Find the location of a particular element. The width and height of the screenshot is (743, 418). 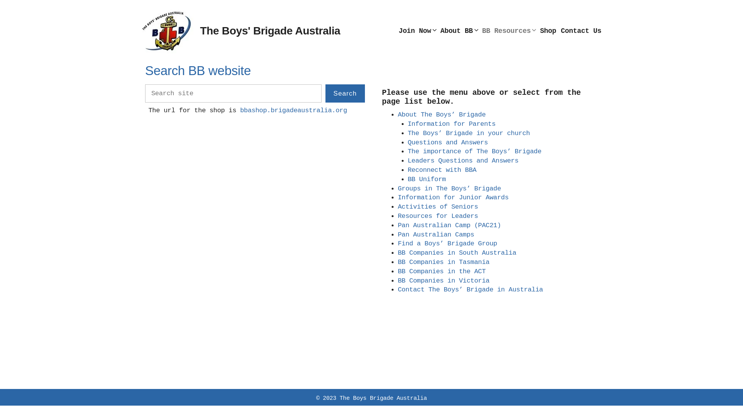

'Pan Australian Camps' is located at coordinates (436, 234).